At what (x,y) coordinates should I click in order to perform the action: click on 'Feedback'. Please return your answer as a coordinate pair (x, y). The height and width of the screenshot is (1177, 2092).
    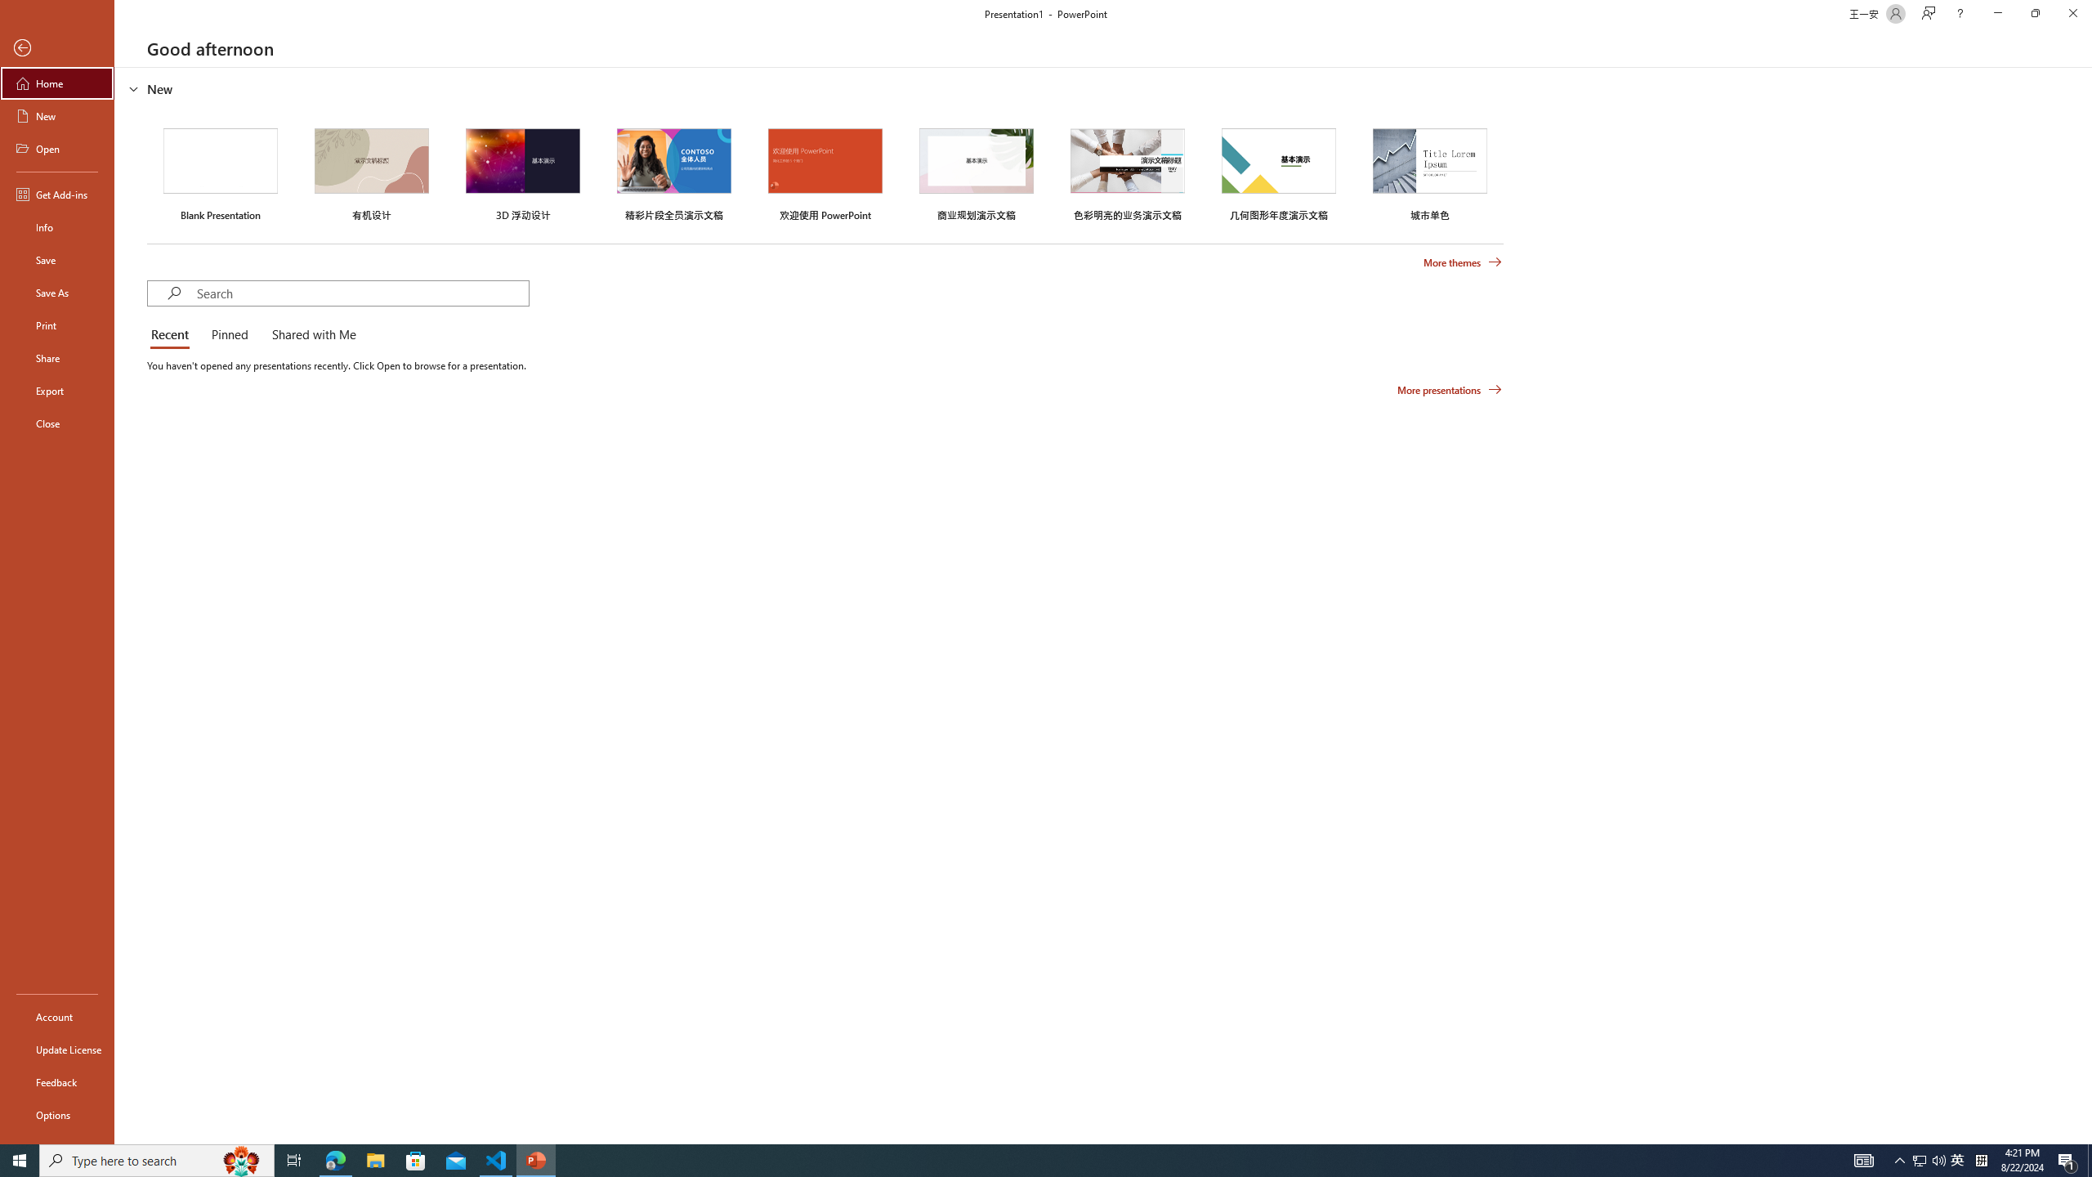
    Looking at the image, I should click on (56, 1082).